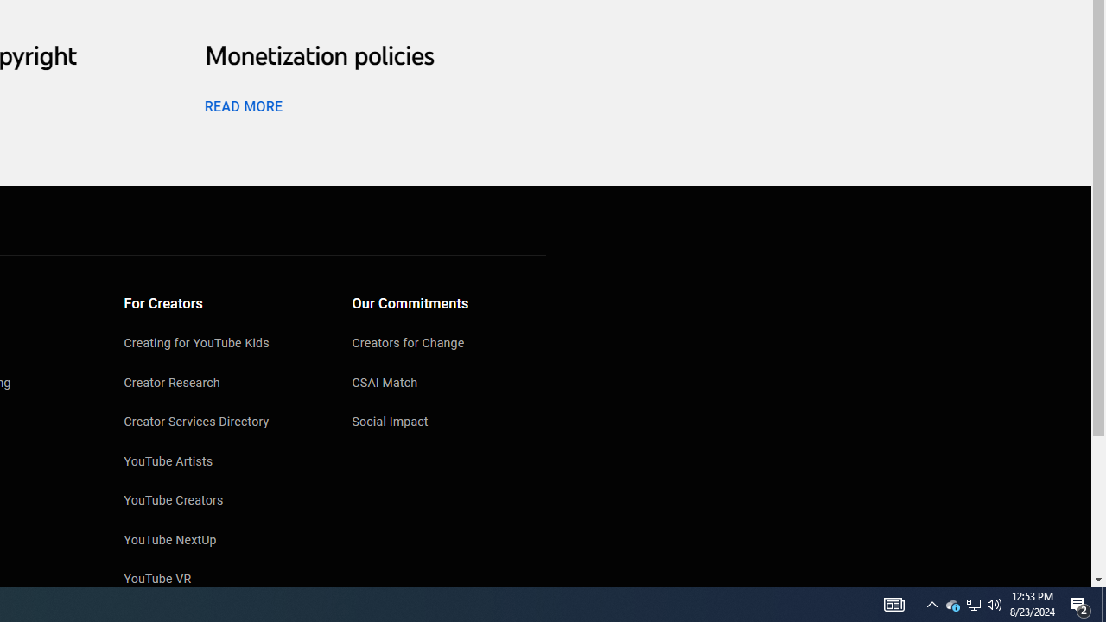  What do you see at coordinates (220, 502) in the screenshot?
I see `'YouTube Creators'` at bounding box center [220, 502].